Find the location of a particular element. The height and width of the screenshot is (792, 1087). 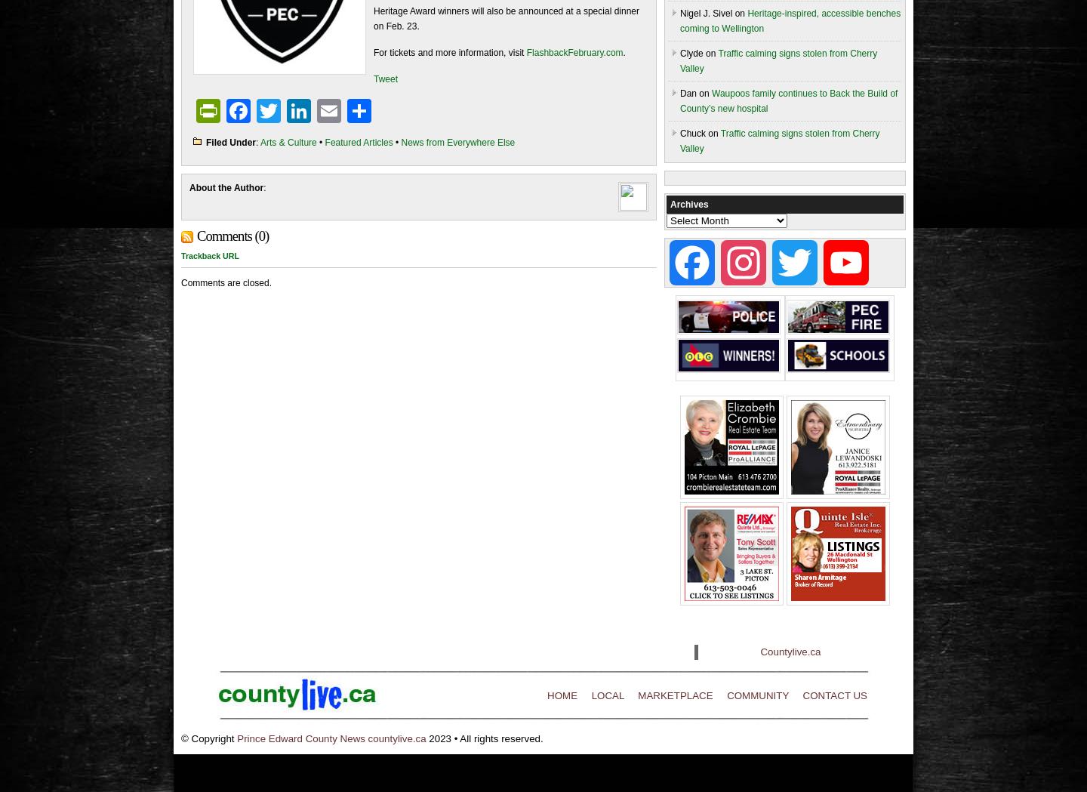

'News from Everywhere Else' is located at coordinates (400, 140).